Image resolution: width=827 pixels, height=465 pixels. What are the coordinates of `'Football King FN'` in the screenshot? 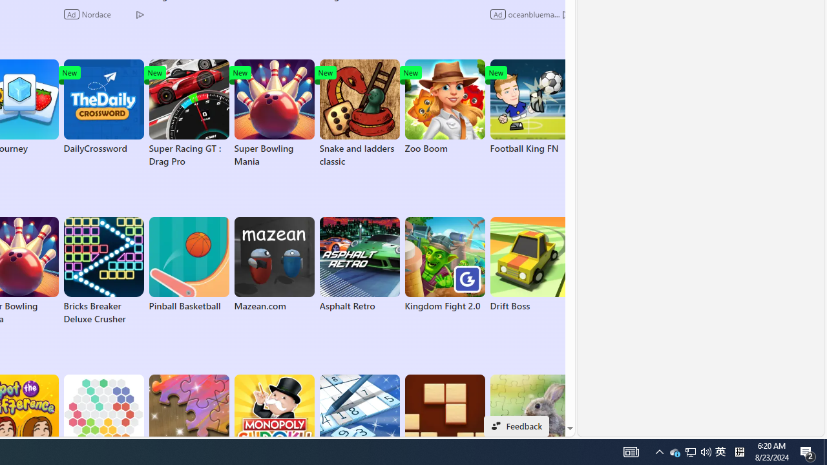 It's located at (530, 106).